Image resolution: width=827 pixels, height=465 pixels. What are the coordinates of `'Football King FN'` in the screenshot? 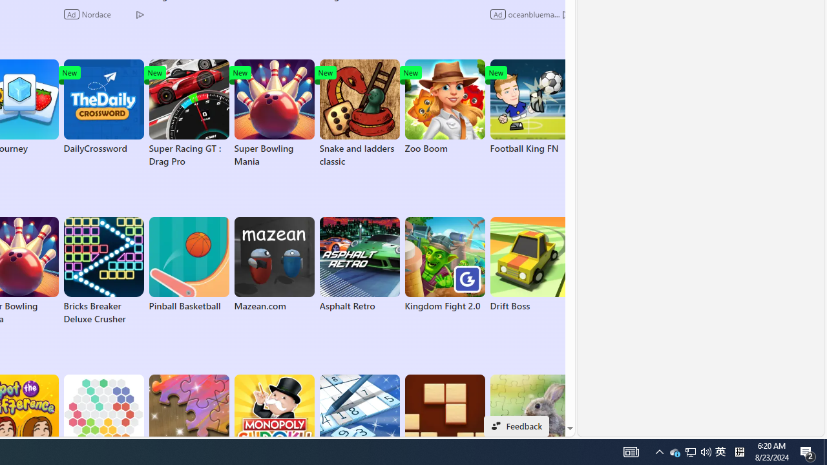 It's located at (530, 106).